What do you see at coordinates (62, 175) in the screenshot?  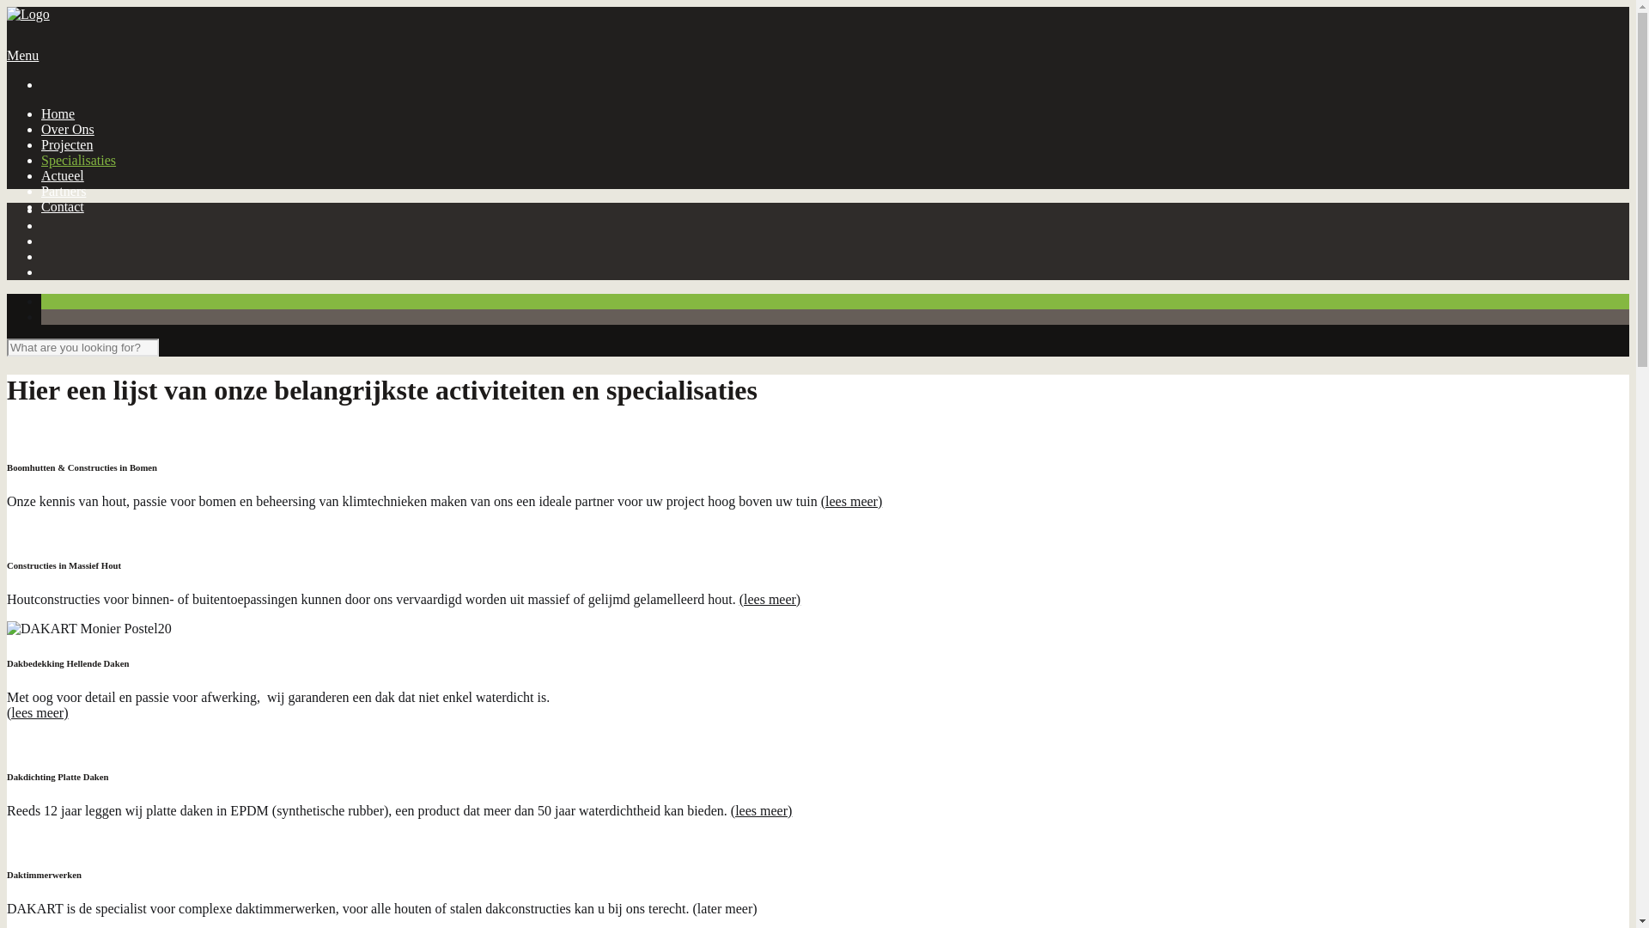 I see `'Actueel'` at bounding box center [62, 175].